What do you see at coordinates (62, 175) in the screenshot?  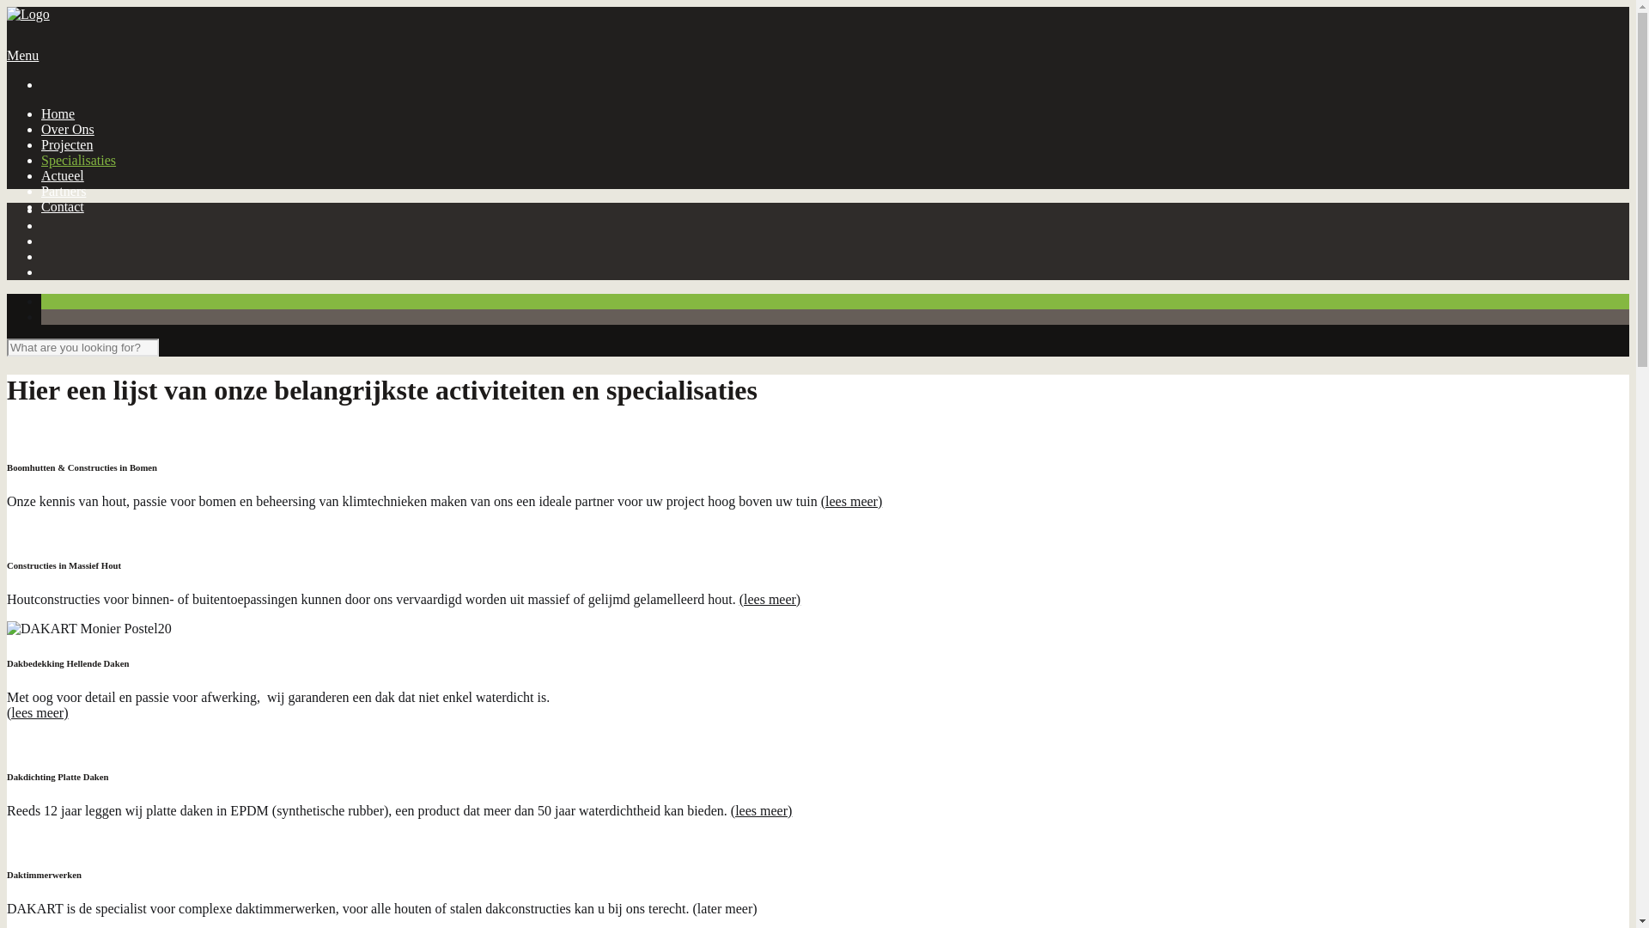 I see `'Actueel'` at bounding box center [62, 175].